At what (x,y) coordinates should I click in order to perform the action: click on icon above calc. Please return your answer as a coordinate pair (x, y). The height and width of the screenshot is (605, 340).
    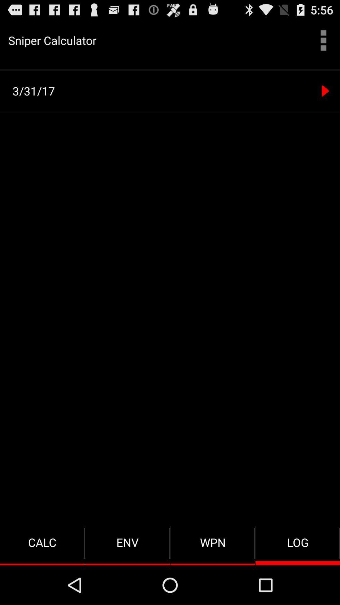
    Looking at the image, I should click on (172, 91).